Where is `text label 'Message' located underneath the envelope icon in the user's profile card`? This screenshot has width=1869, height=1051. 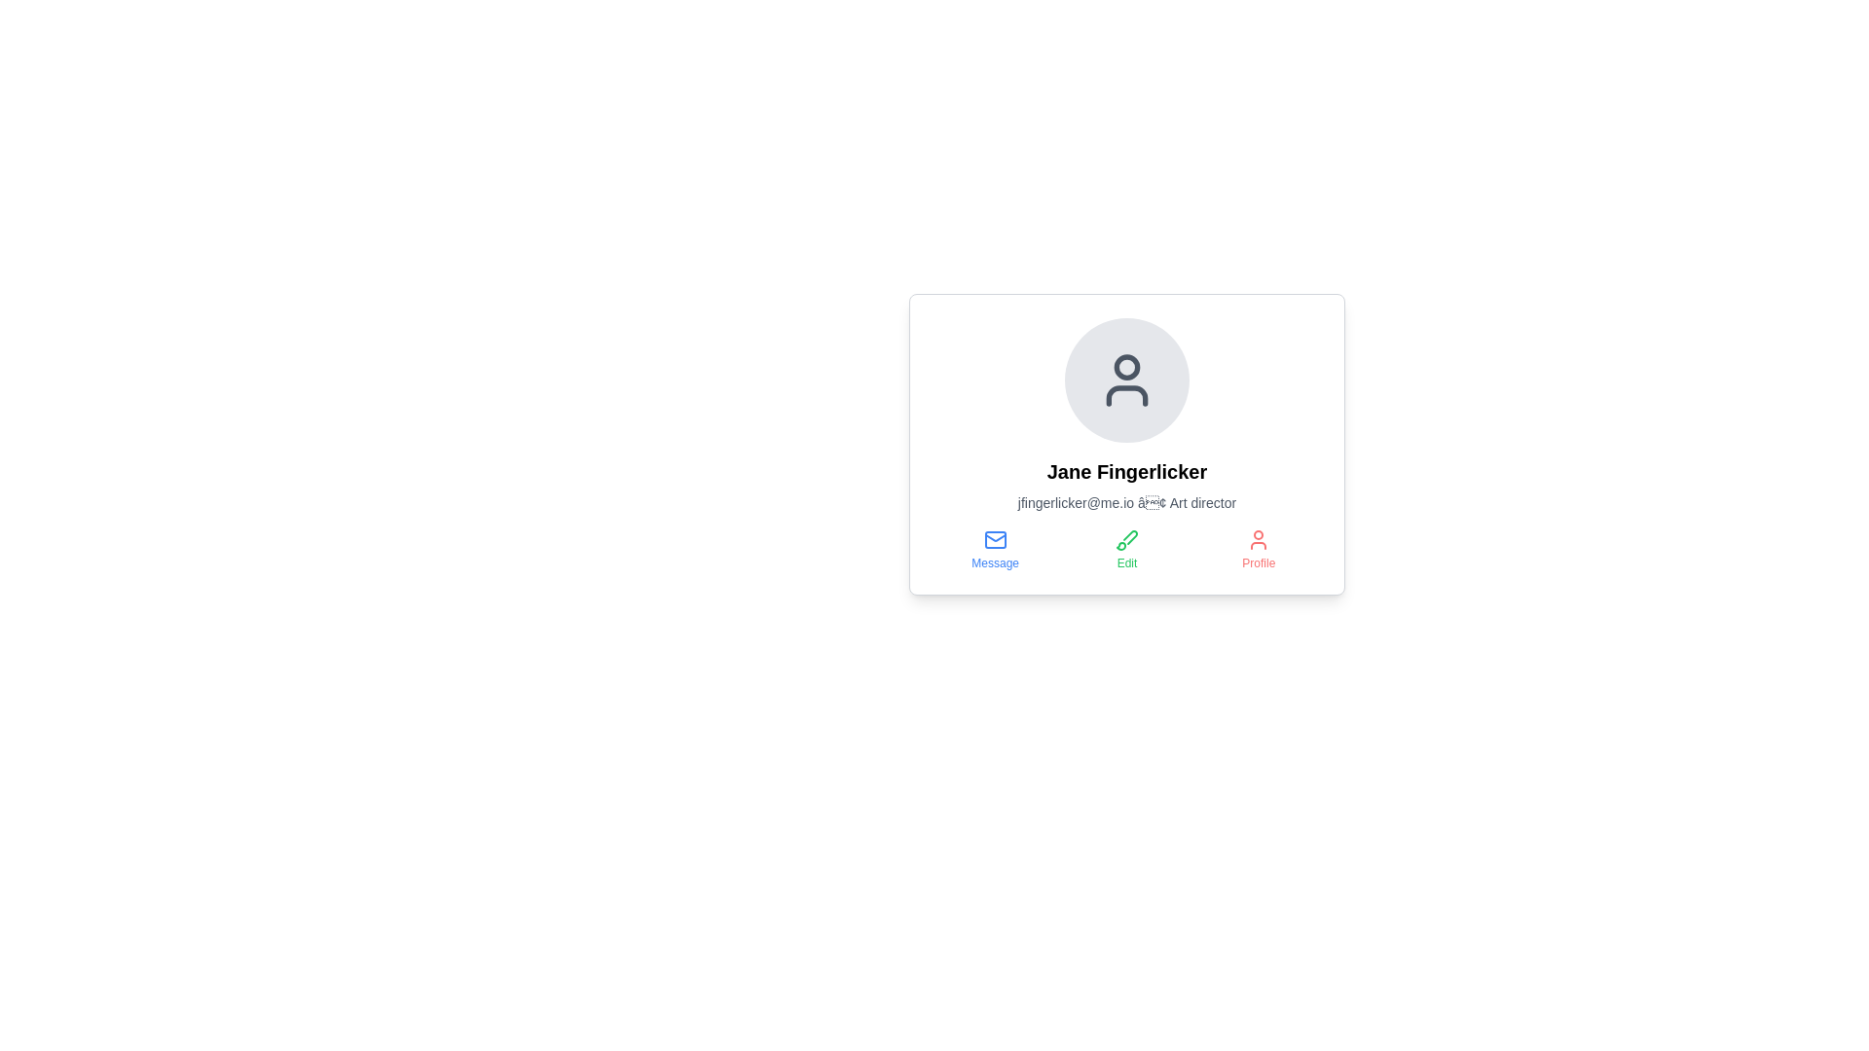 text label 'Message' located underneath the envelope icon in the user's profile card is located at coordinates (995, 562).